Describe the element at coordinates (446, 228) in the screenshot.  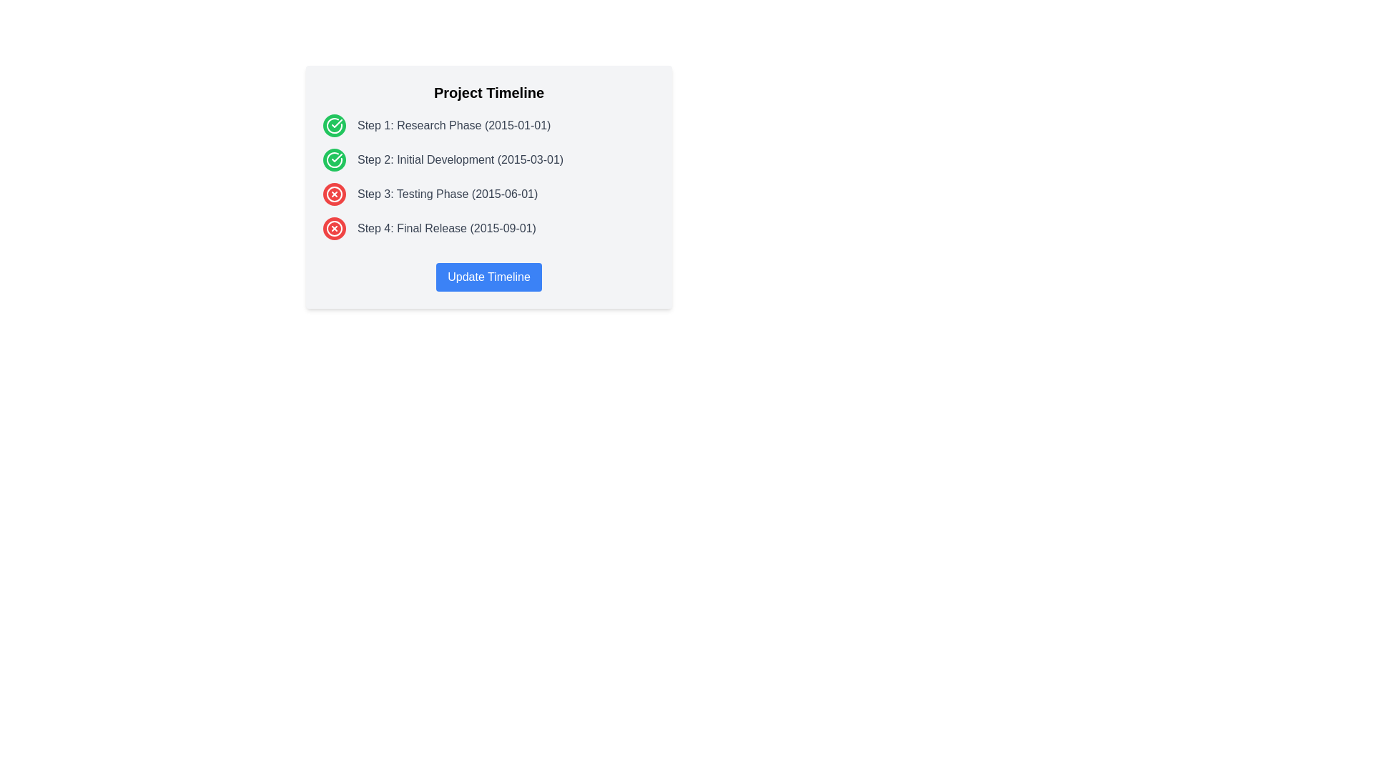
I see `the Text Label that describes the fourth step in the project timeline, located below 'Step 3: Testing Phase (2015-06-01)'` at that location.